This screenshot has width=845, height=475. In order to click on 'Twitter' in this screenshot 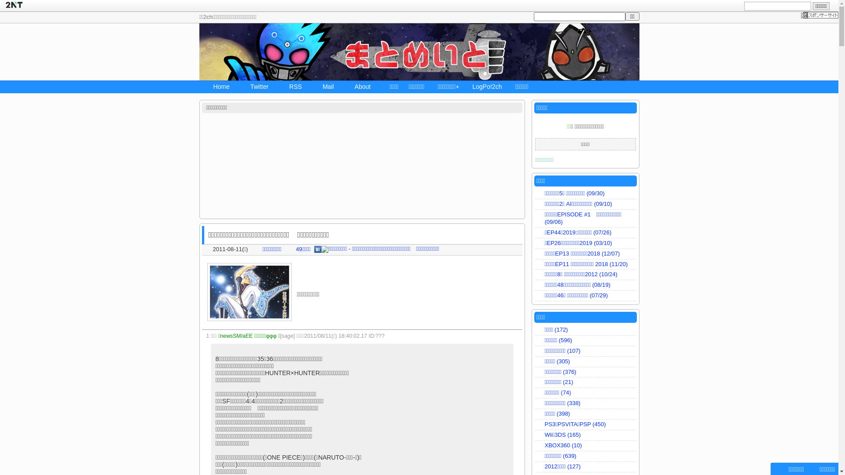, I will do `click(255, 88)`.